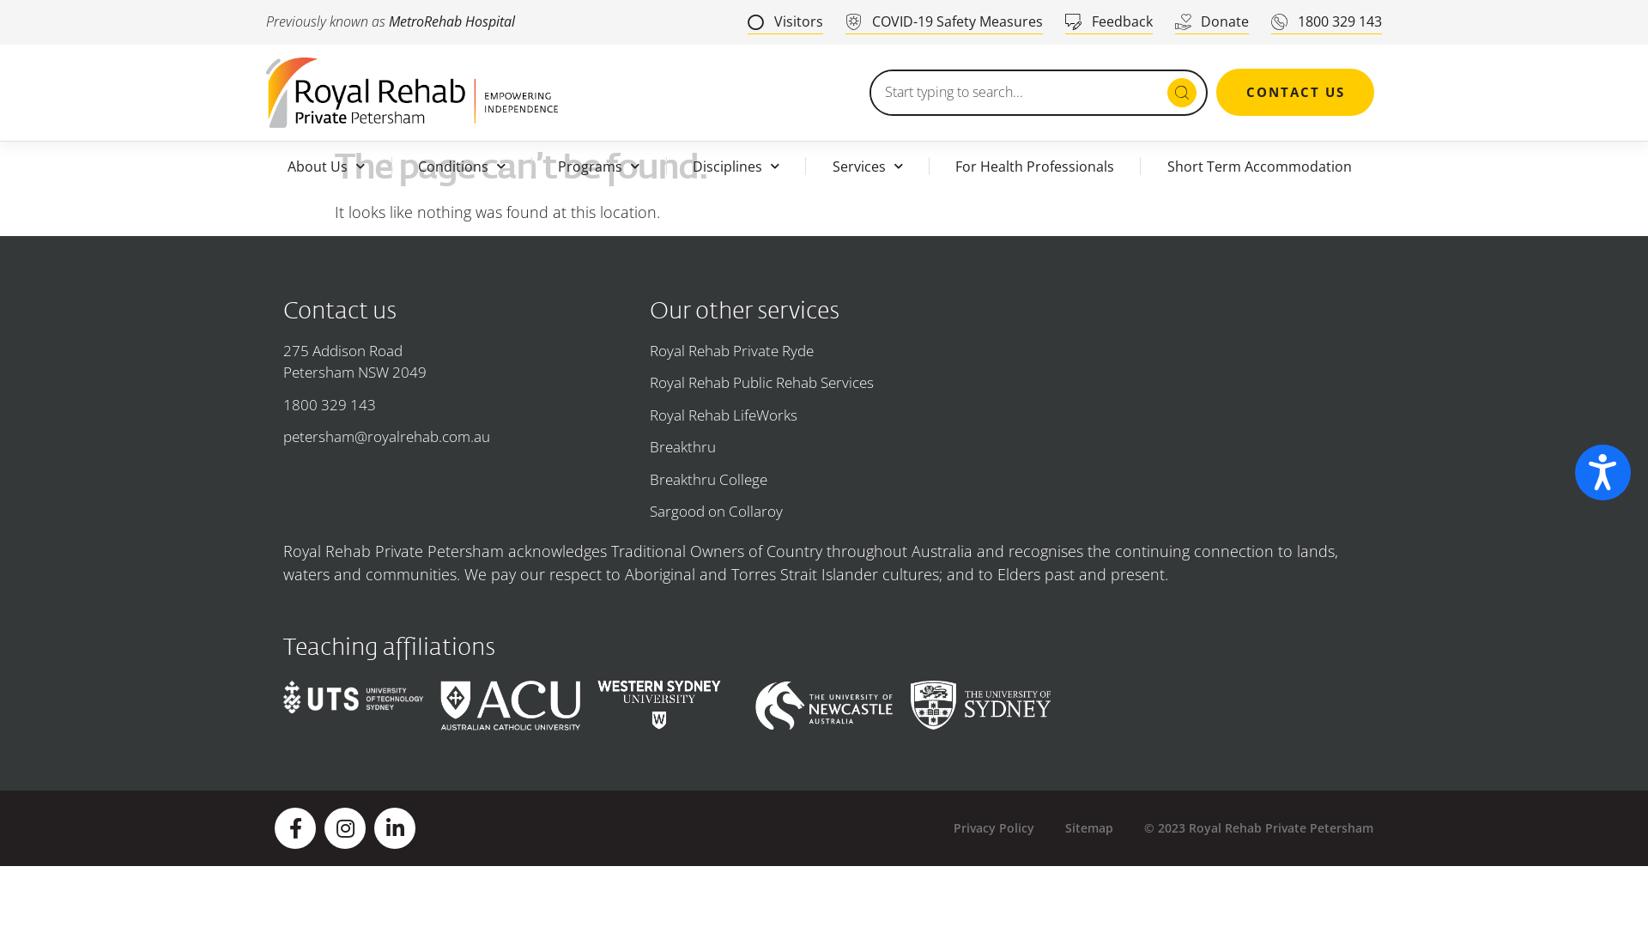  What do you see at coordinates (1033, 166) in the screenshot?
I see `'For Health Professionals'` at bounding box center [1033, 166].